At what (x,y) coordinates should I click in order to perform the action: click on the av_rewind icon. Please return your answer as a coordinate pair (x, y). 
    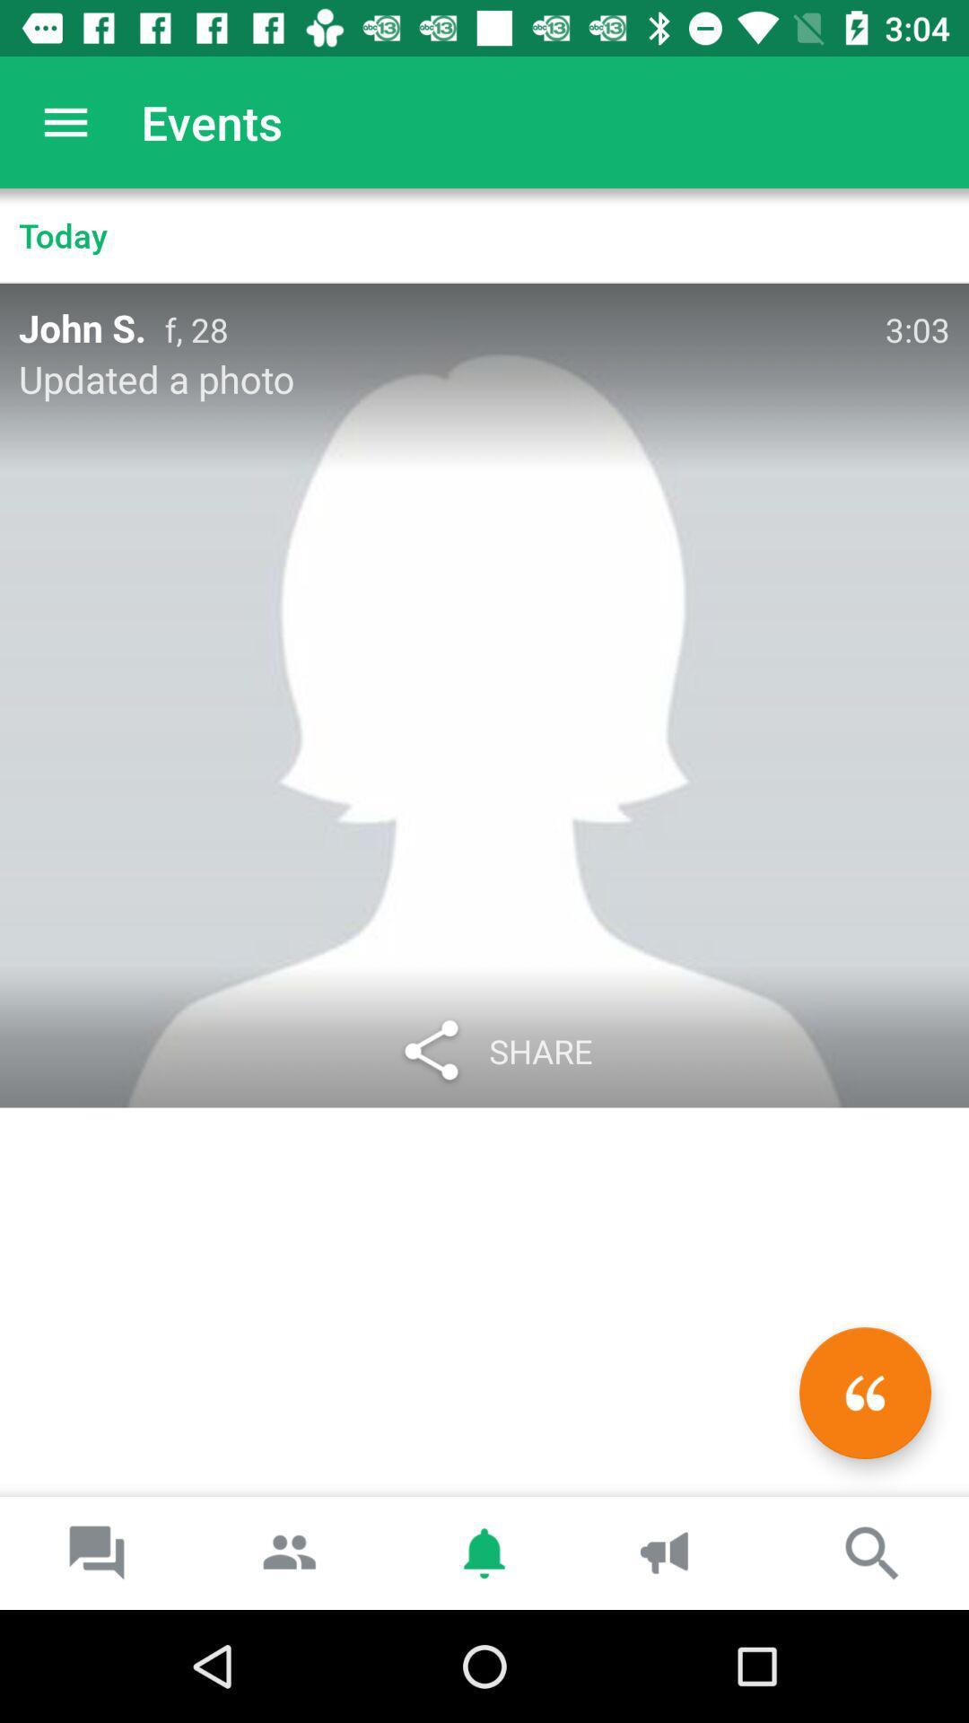
    Looking at the image, I should click on (864, 1392).